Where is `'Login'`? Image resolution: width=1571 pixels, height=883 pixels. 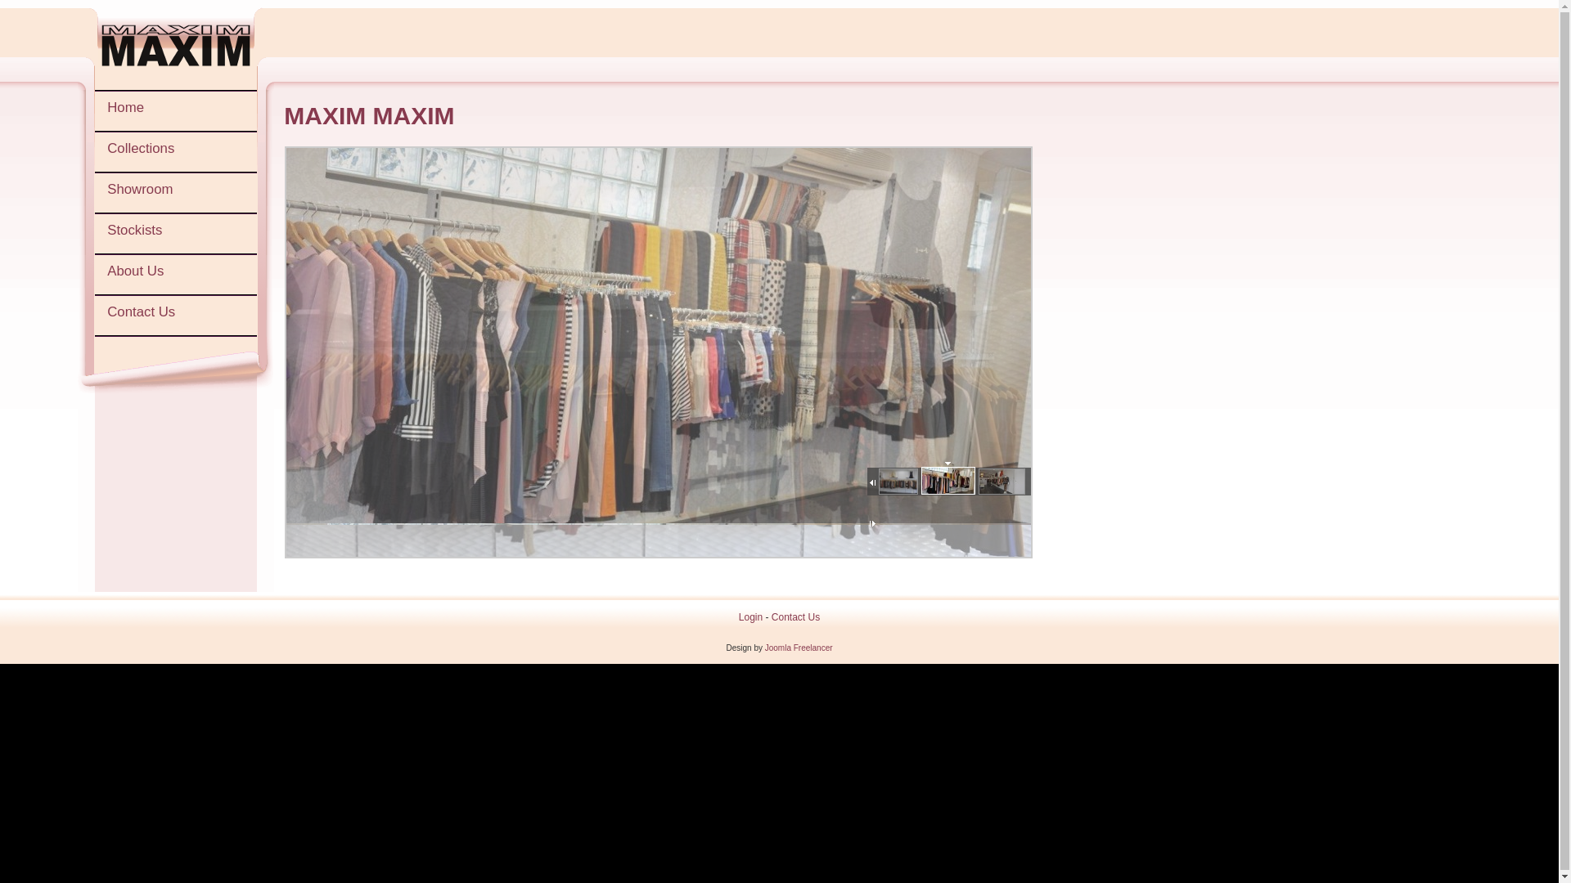
'Login' is located at coordinates (749, 617).